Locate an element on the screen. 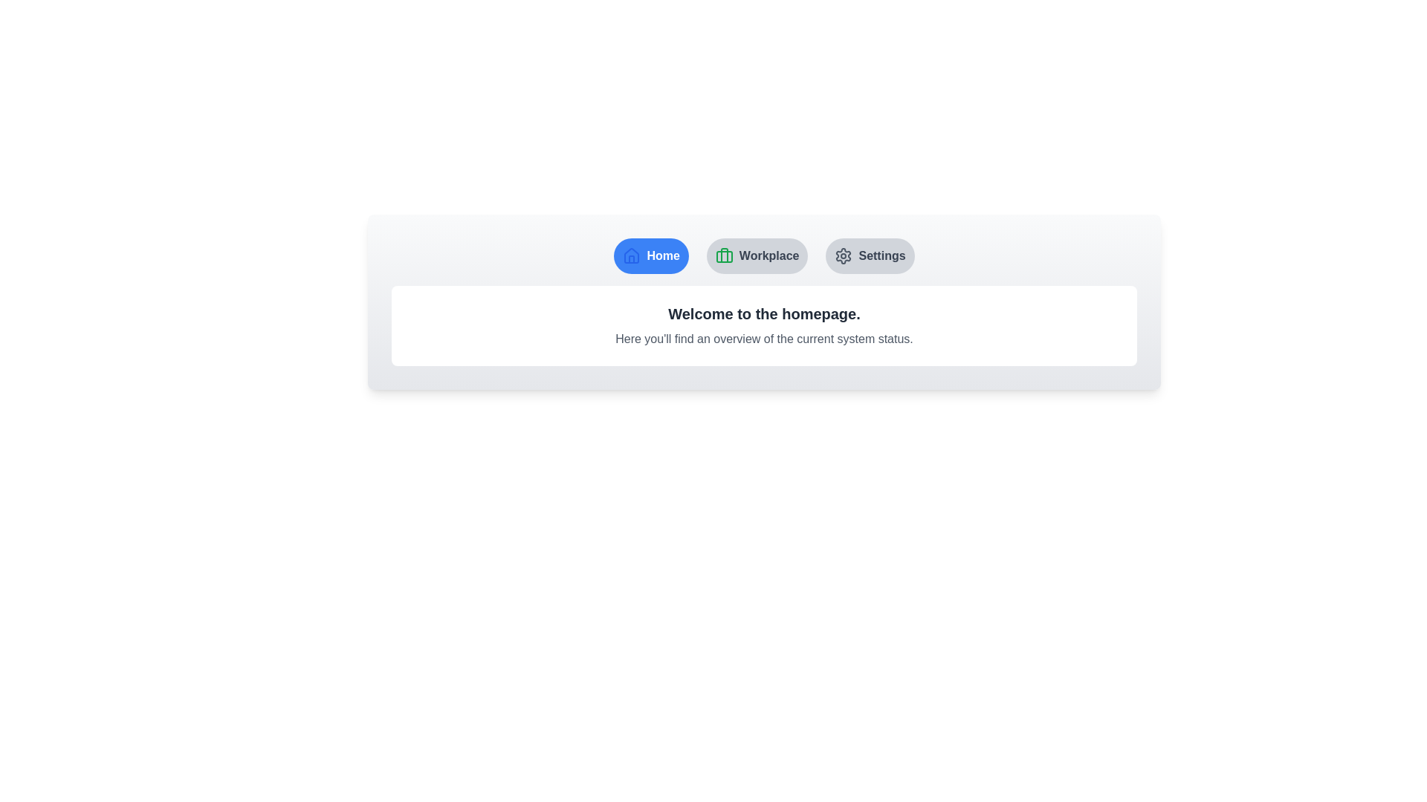 This screenshot has height=802, width=1427. the button labeled Home to observe its hover effect is located at coordinates (650, 255).